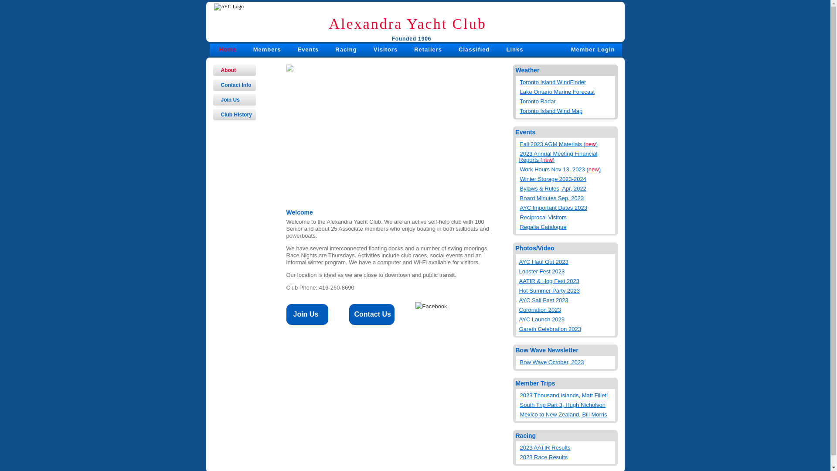  Describe the element at coordinates (514, 49) in the screenshot. I see `'Links'` at that location.